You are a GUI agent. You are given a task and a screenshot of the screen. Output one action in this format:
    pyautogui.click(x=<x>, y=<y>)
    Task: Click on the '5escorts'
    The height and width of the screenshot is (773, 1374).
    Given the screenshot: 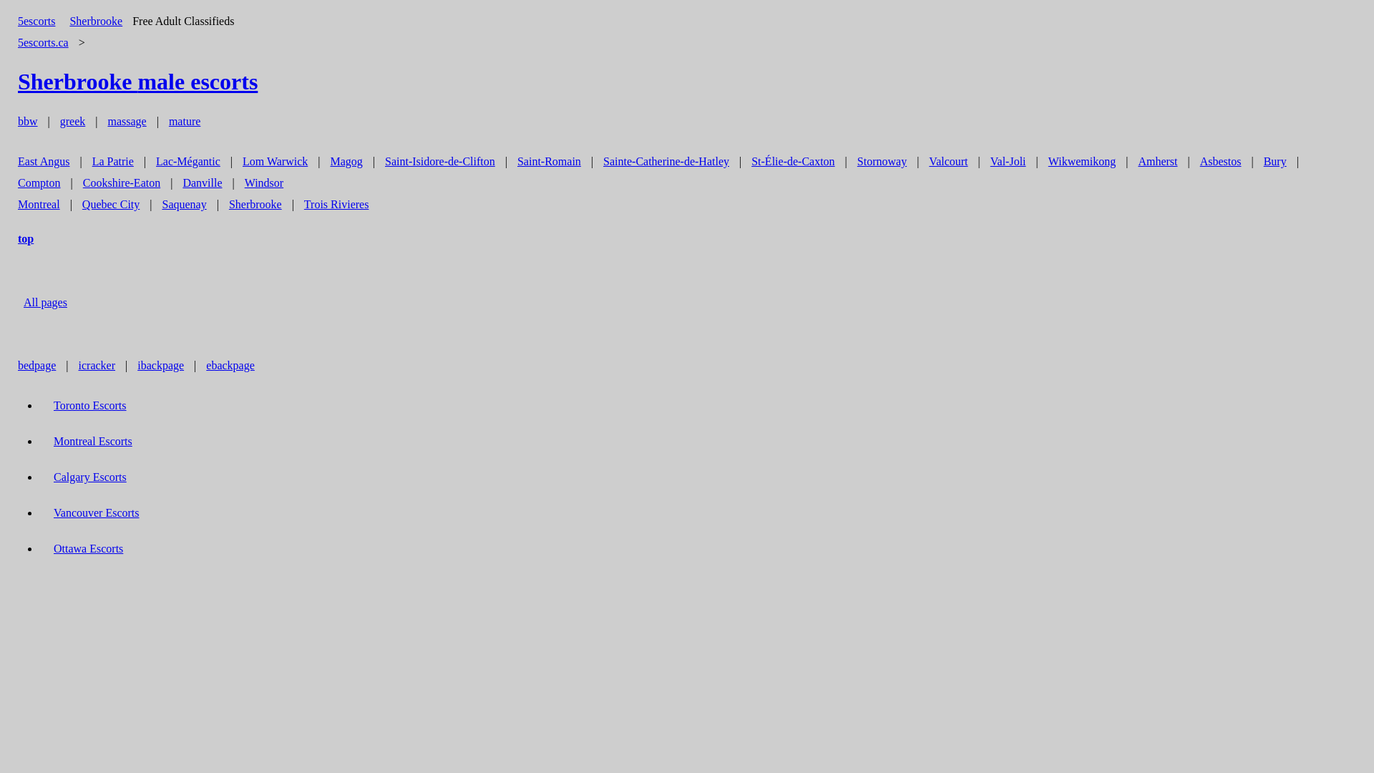 What is the action you would take?
    pyautogui.click(x=36, y=21)
    